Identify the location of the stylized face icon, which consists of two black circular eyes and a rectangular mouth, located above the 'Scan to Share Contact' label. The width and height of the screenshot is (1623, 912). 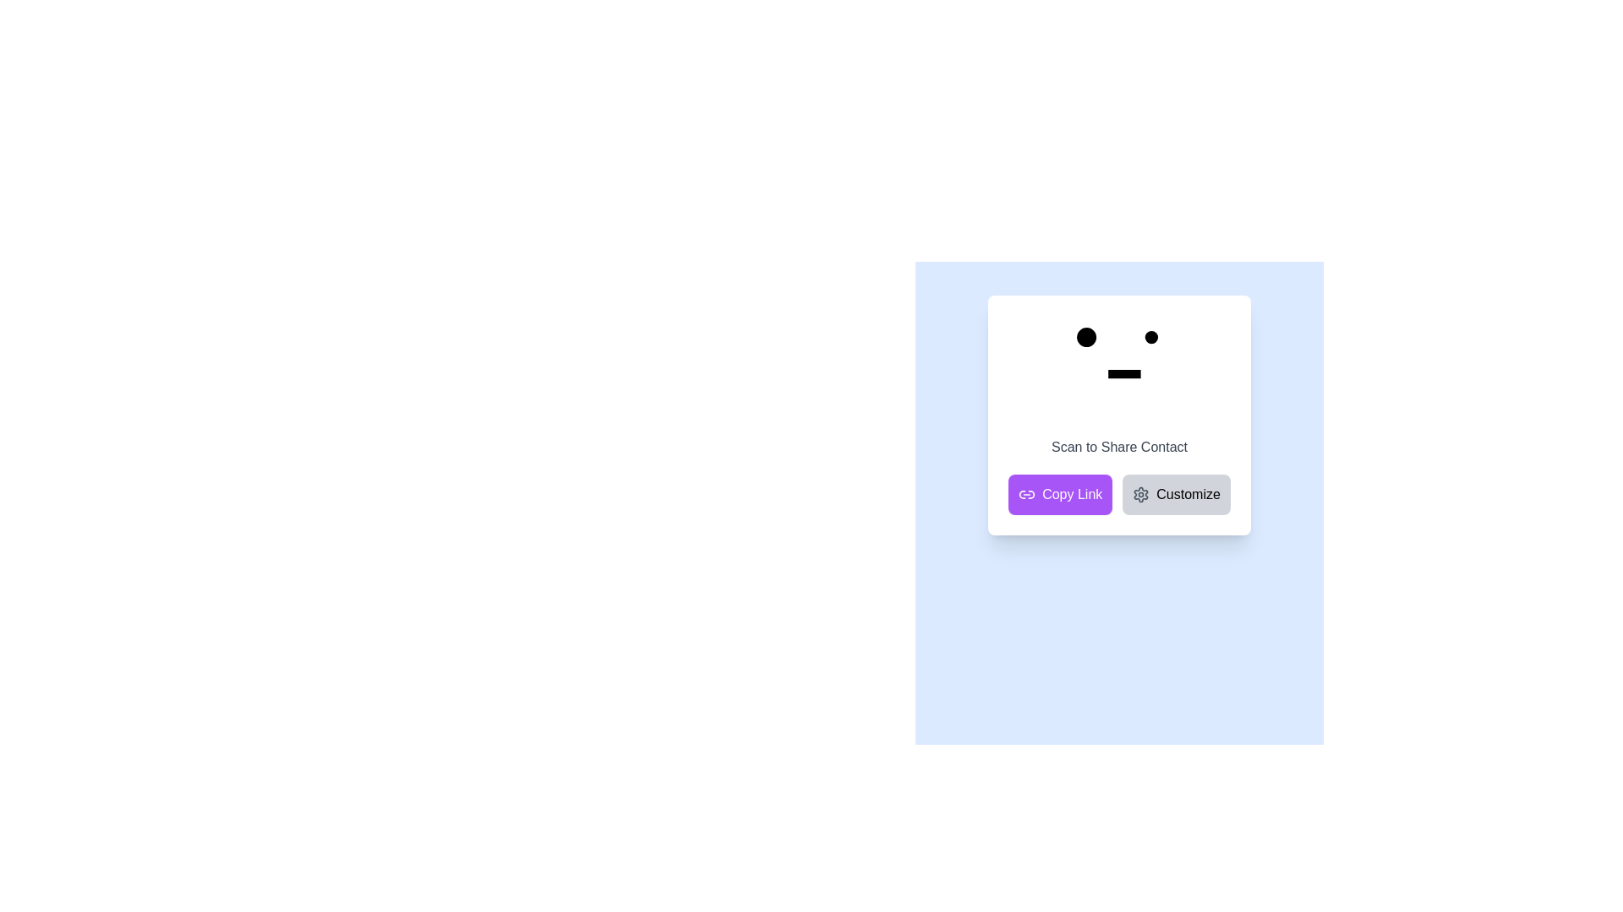
(1119, 369).